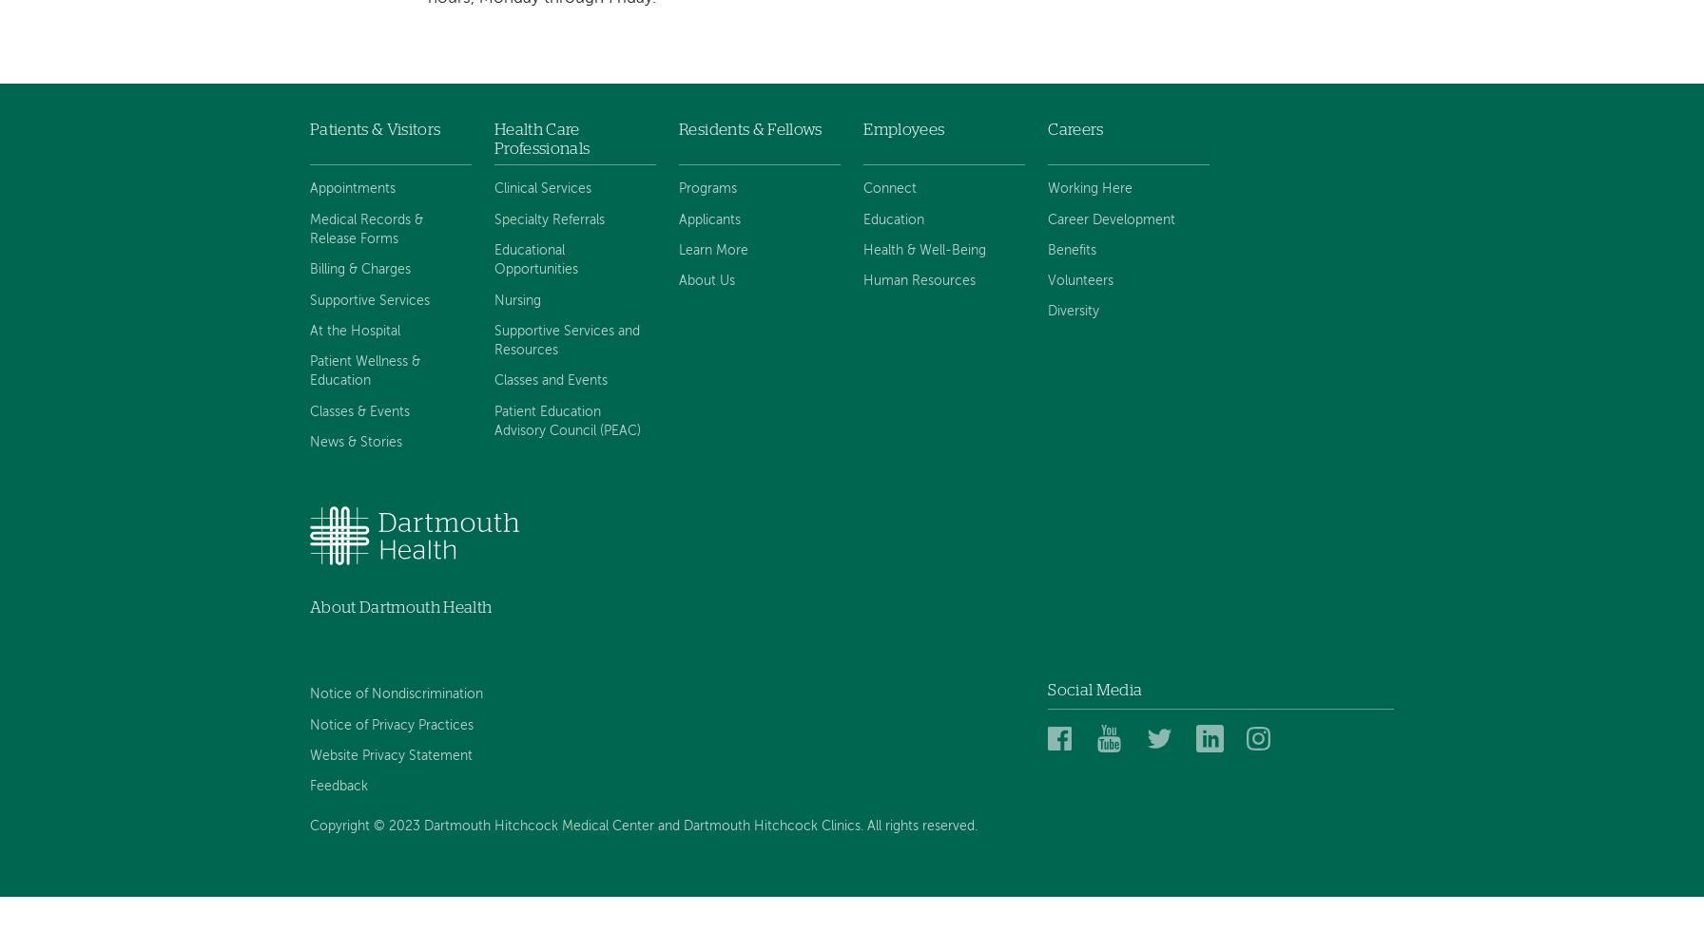 This screenshot has height=950, width=1704. What do you see at coordinates (360, 270) in the screenshot?
I see `'Billing & Charges'` at bounding box center [360, 270].